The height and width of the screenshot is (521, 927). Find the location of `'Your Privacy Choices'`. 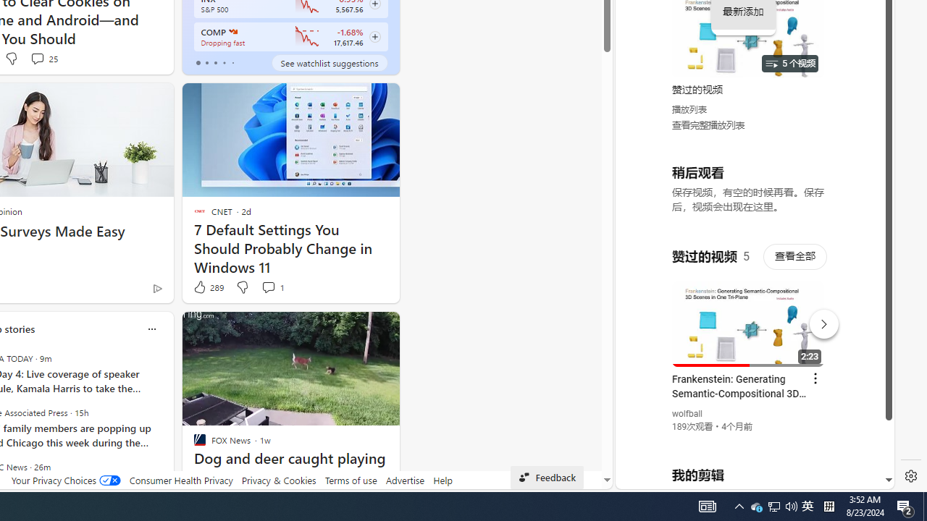

'Your Privacy Choices' is located at coordinates (64, 480).